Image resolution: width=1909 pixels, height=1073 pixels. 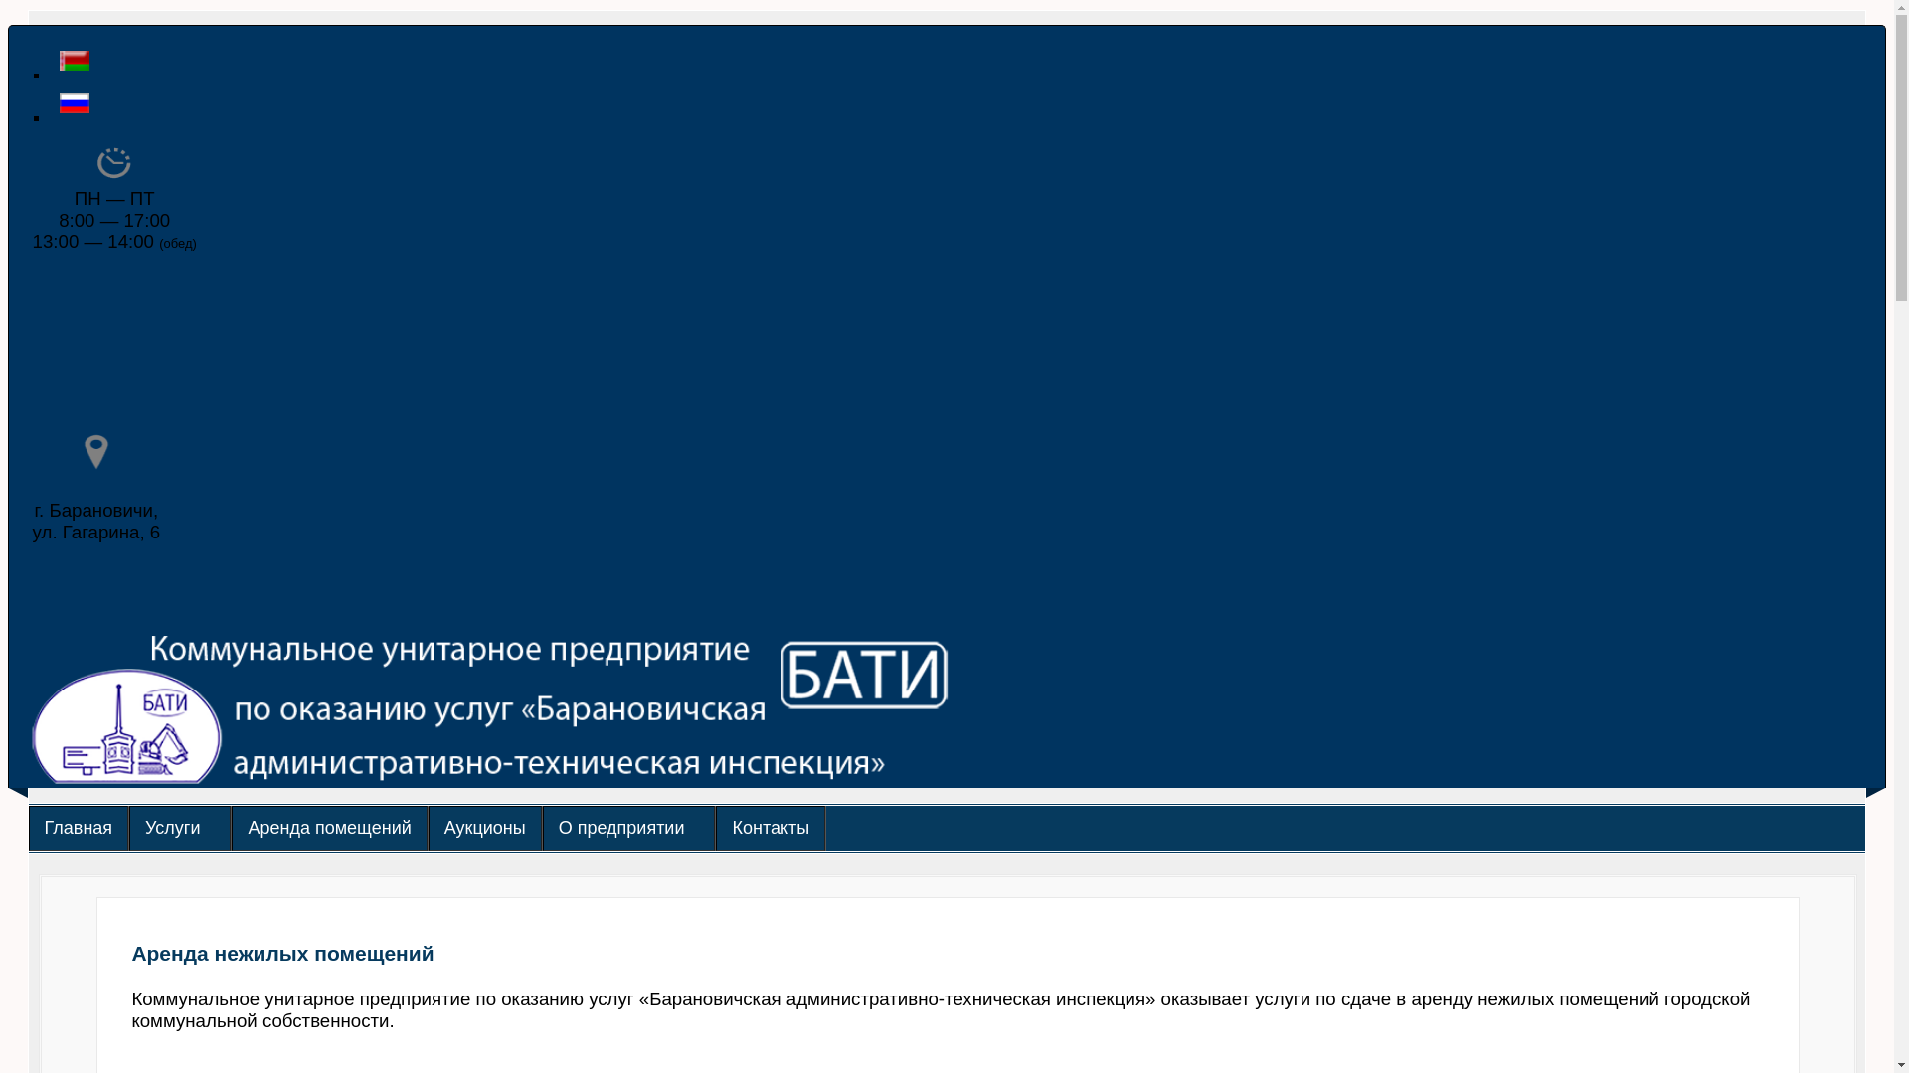 What do you see at coordinates (75, 60) in the screenshot?
I see `'Belarusian (Belarus)'` at bounding box center [75, 60].